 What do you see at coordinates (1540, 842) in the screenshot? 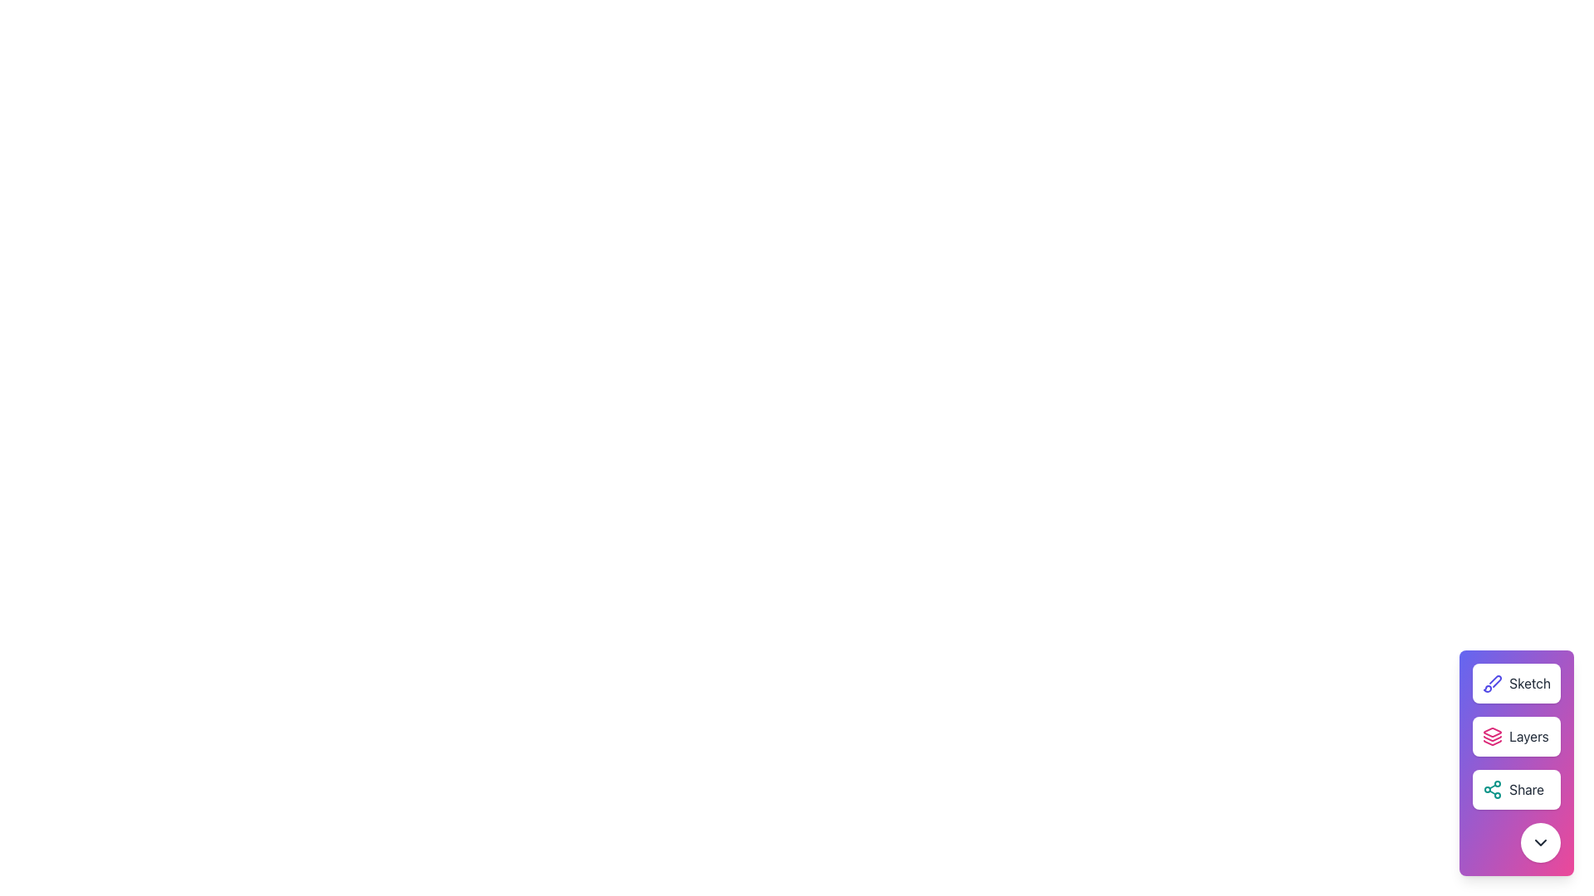
I see `the downward-pointing chevron icon within the circular white button located at the bottom-right corner of the interface` at bounding box center [1540, 842].